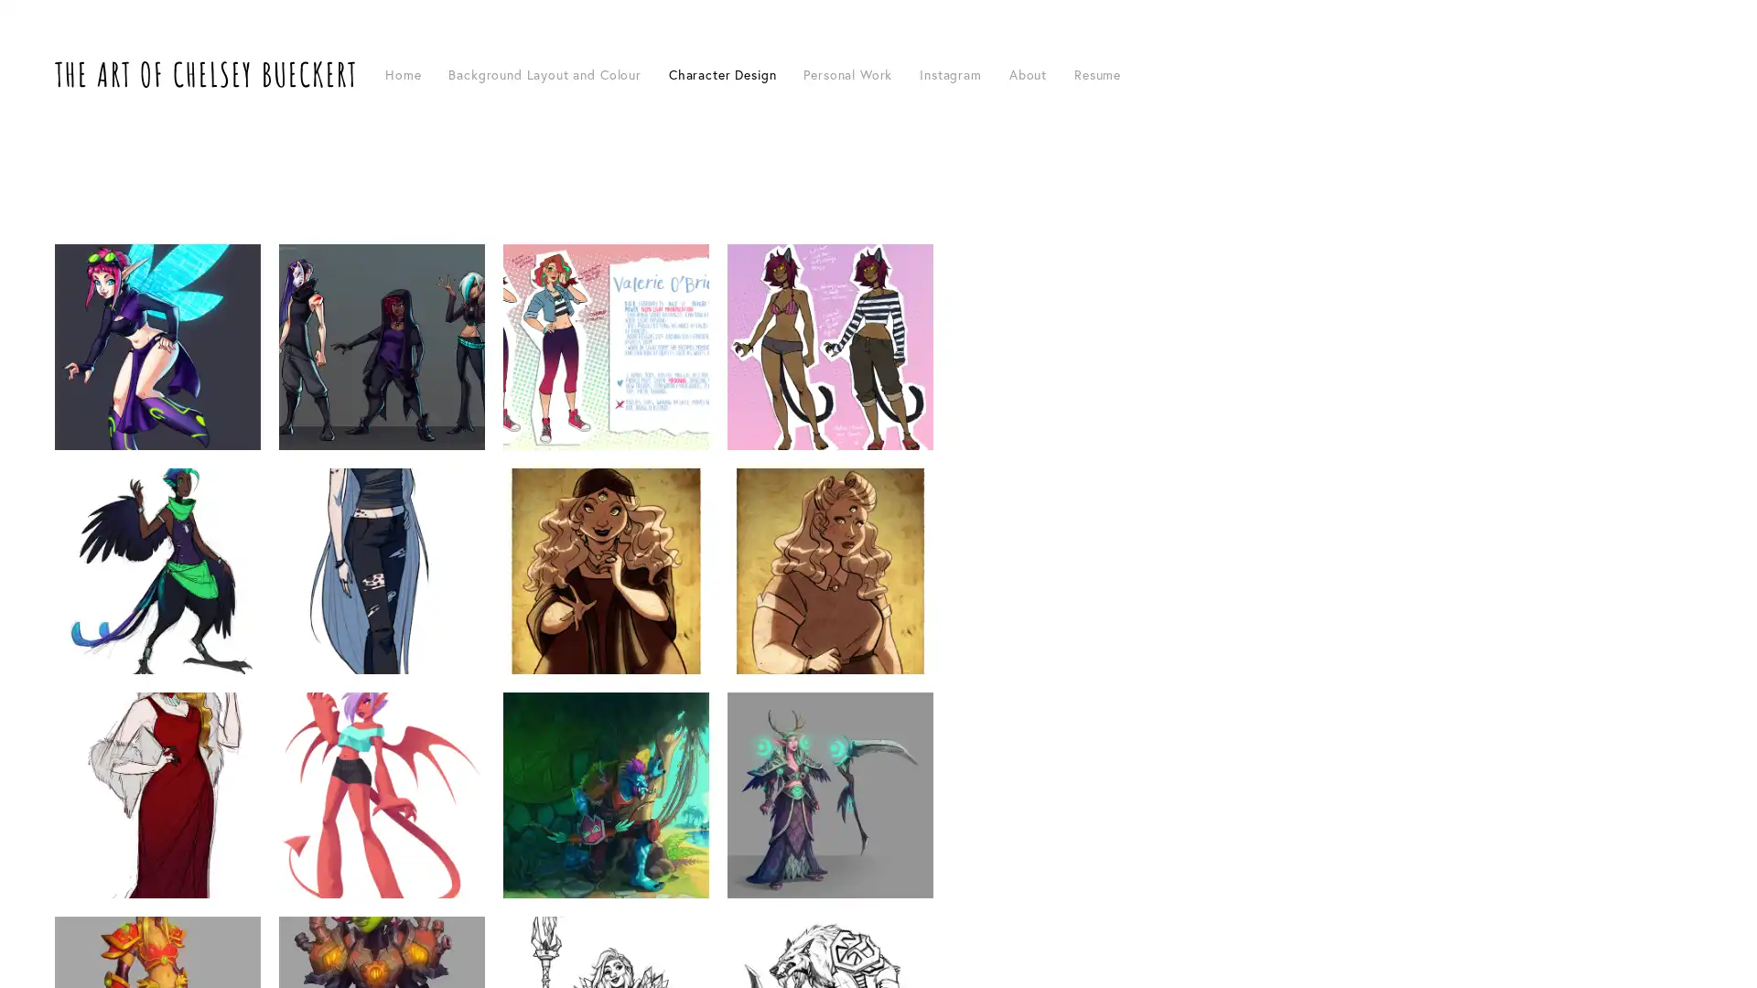 The height and width of the screenshot is (988, 1757). What do you see at coordinates (829, 570) in the screenshot?
I see `View fullsize peneports1.png` at bounding box center [829, 570].